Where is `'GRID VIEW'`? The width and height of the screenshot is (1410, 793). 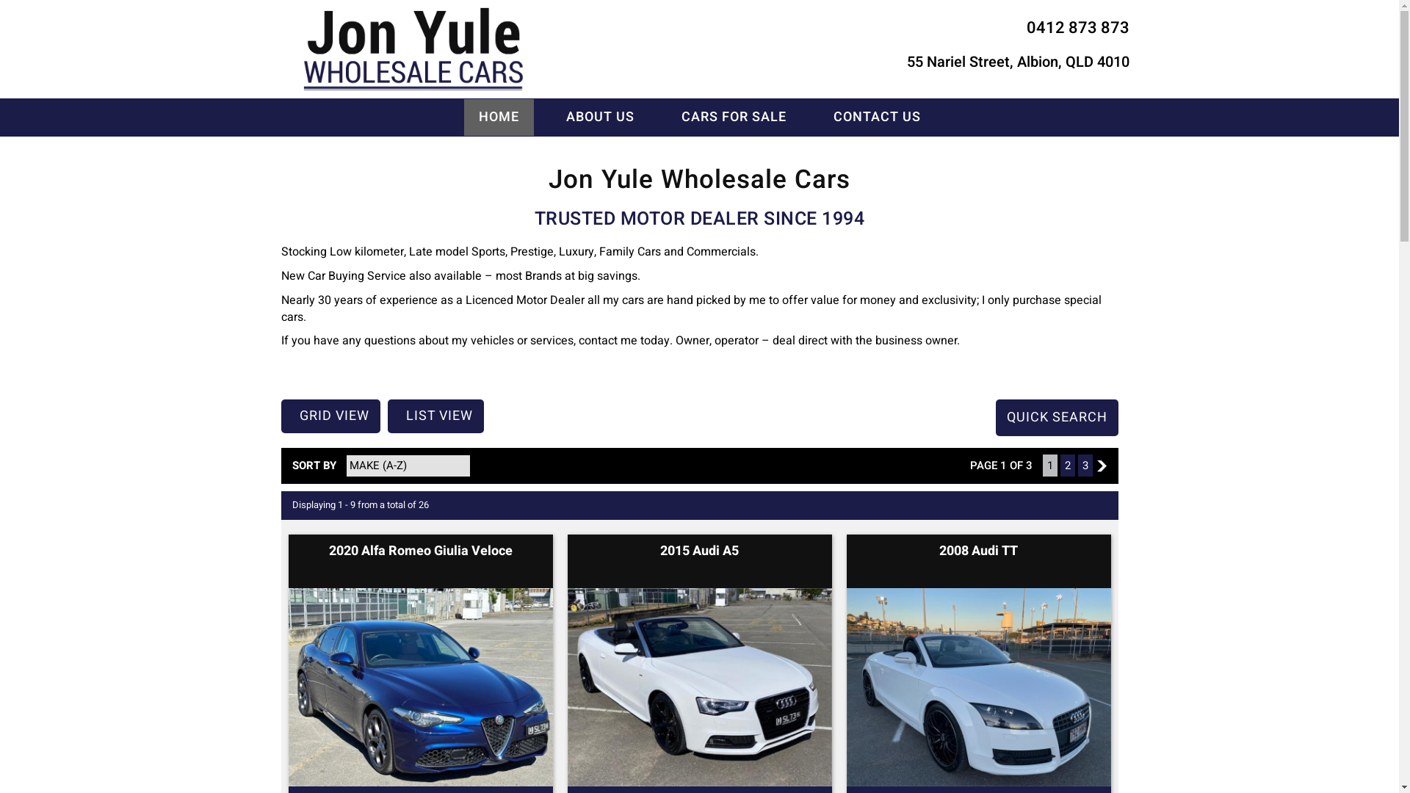
'GRID VIEW' is located at coordinates (329, 416).